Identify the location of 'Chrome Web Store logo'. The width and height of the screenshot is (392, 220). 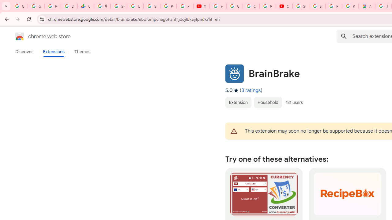
(20, 36).